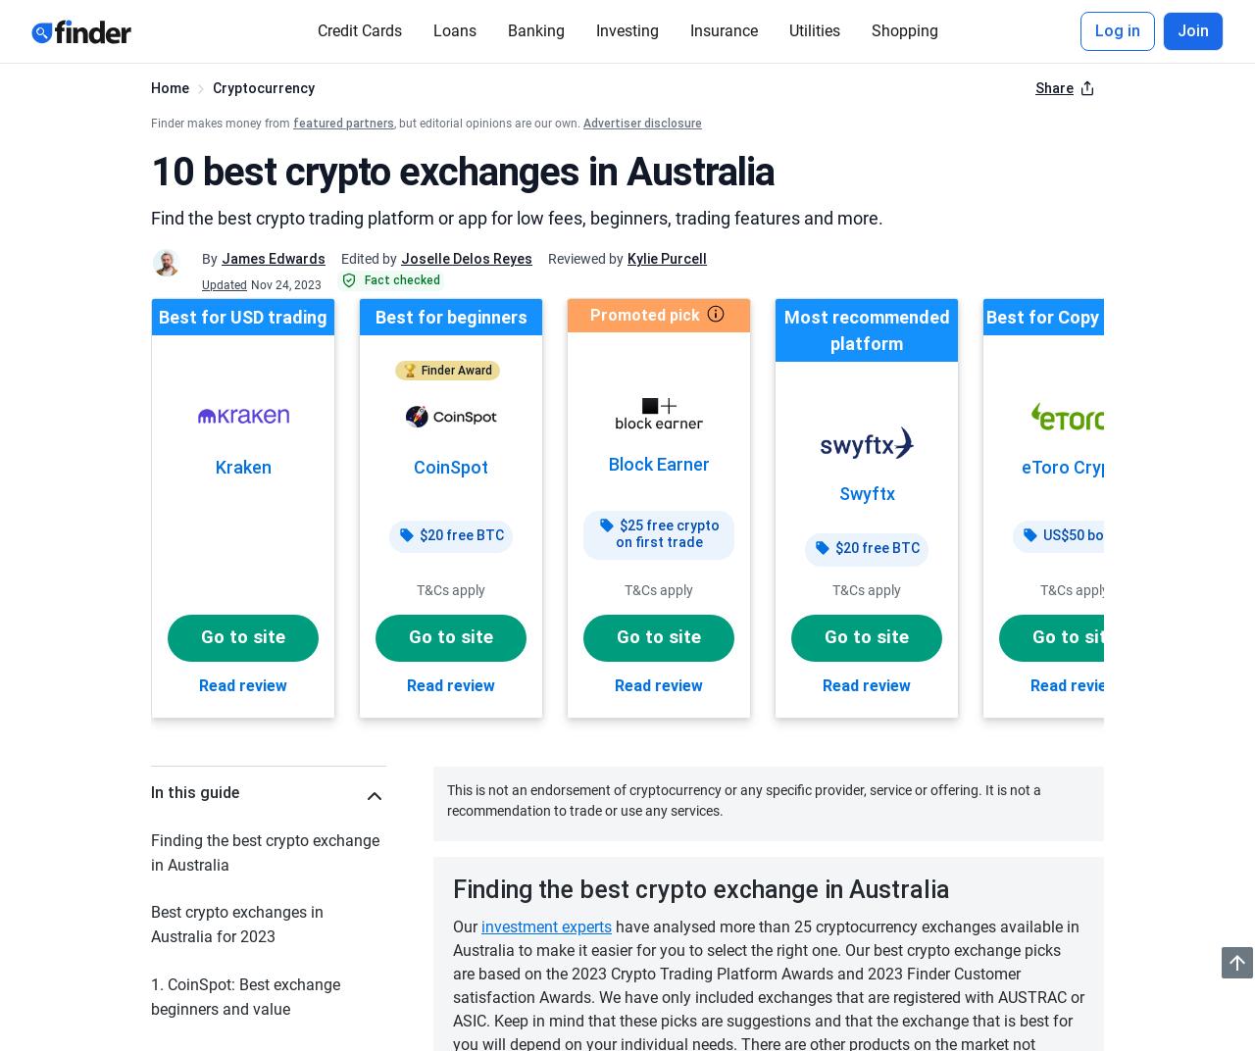  I want to click on 'Home', so click(170, 88).